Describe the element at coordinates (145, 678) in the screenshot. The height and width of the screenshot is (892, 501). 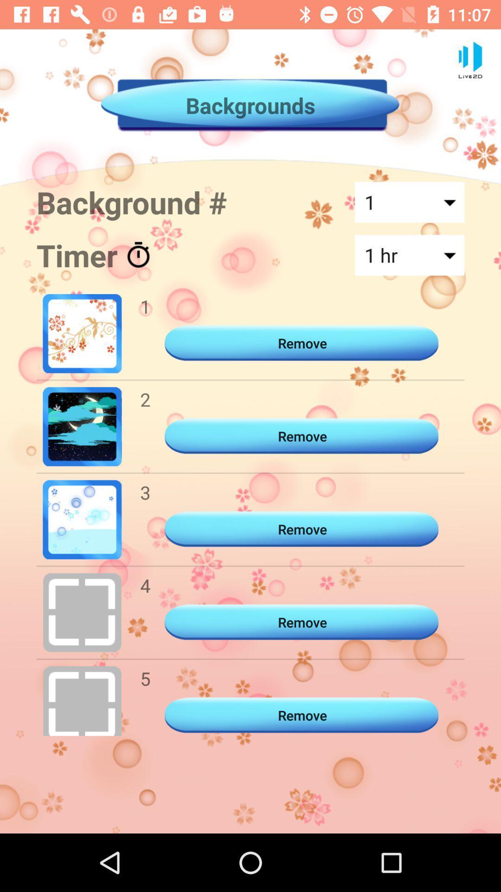
I see `item below the 4 icon` at that location.